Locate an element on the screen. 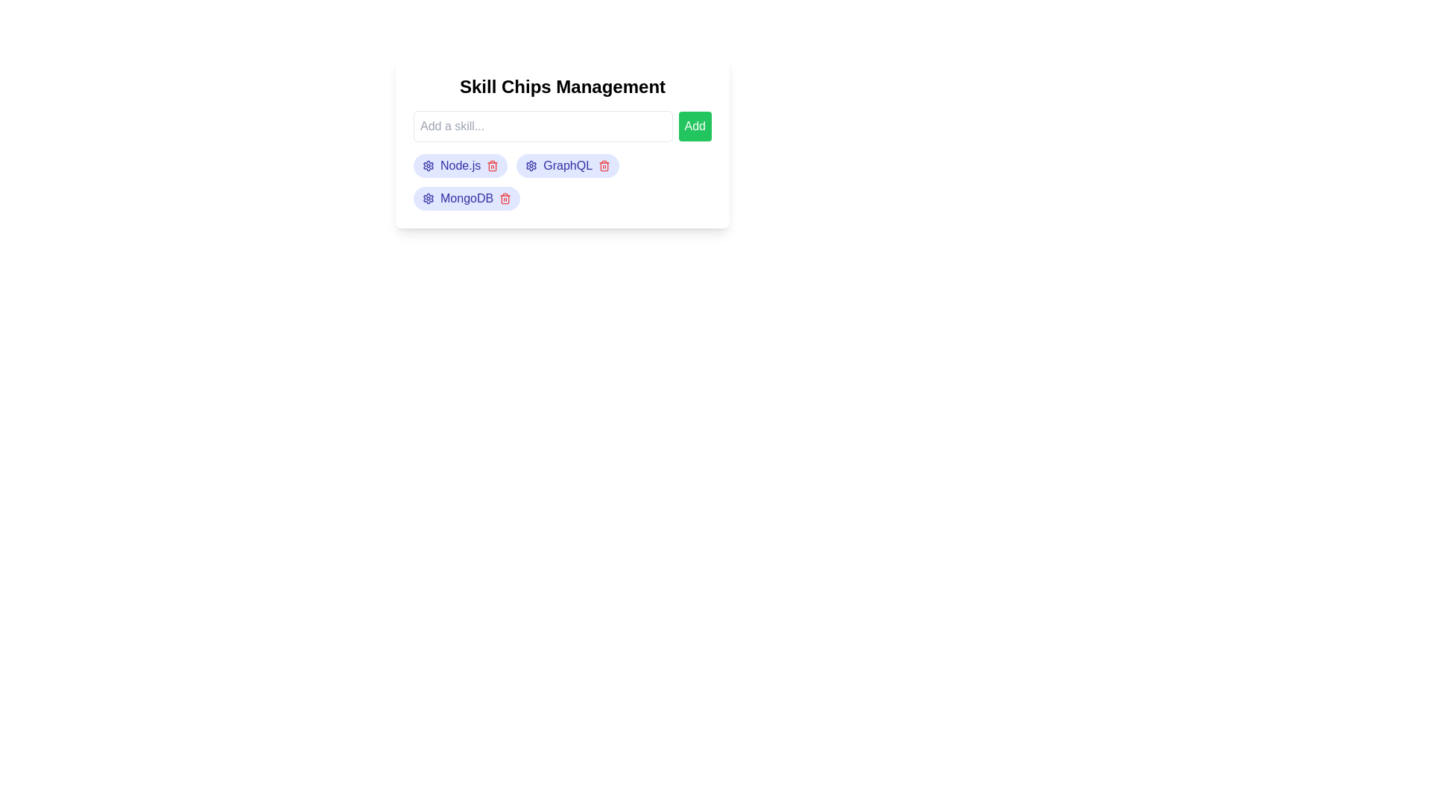 The image size is (1431, 804). the settings icon of the chip labeled Node.js is located at coordinates (428, 166).